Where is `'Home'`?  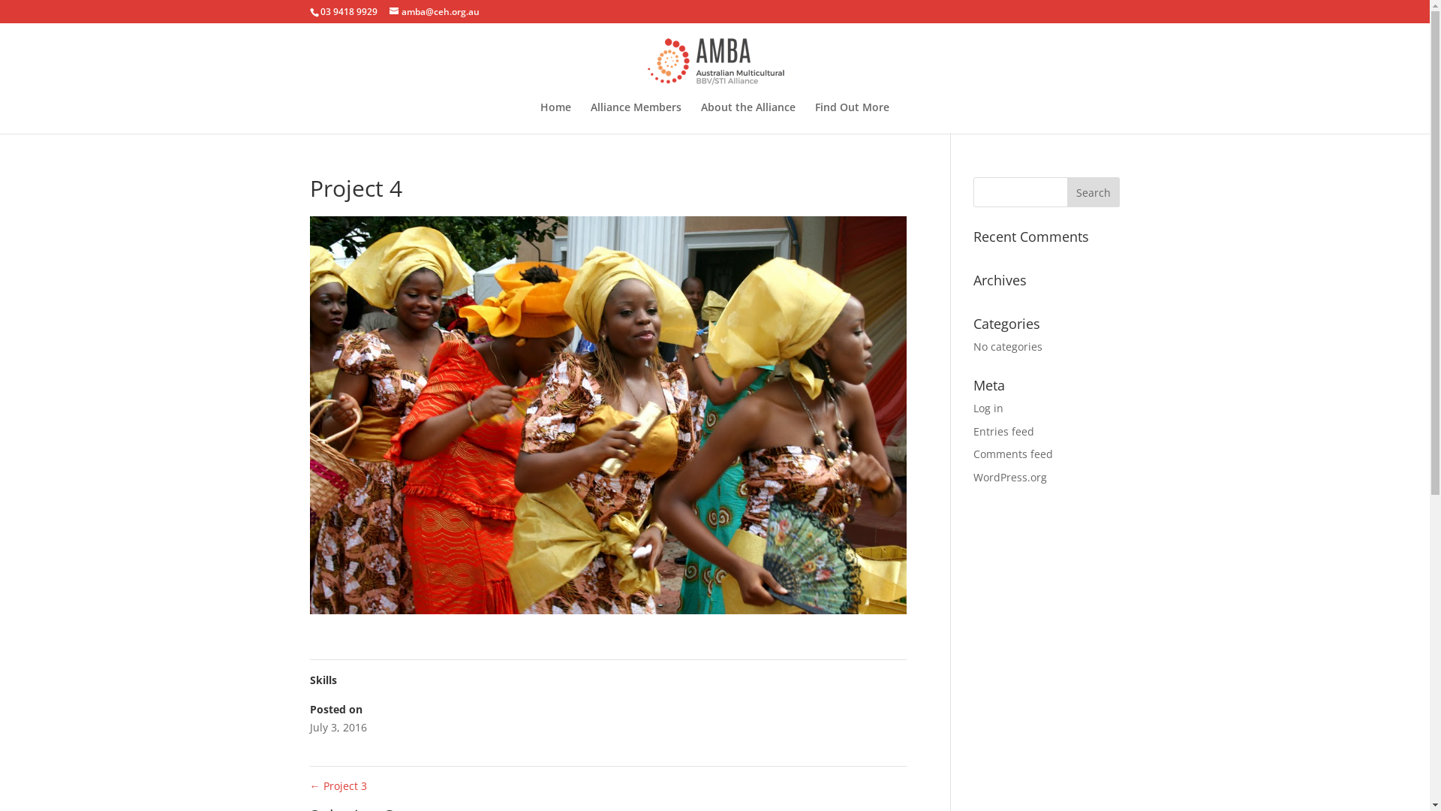
'Home' is located at coordinates (555, 117).